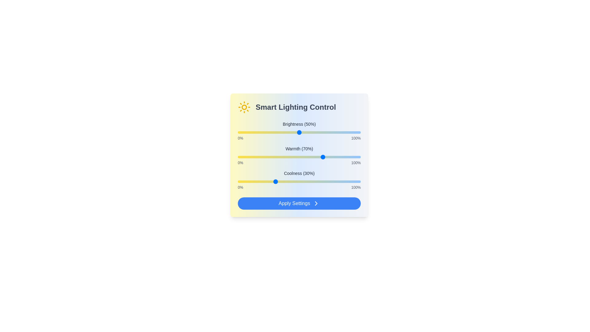  What do you see at coordinates (348, 156) in the screenshot?
I see `the Warmth slider to 90%` at bounding box center [348, 156].